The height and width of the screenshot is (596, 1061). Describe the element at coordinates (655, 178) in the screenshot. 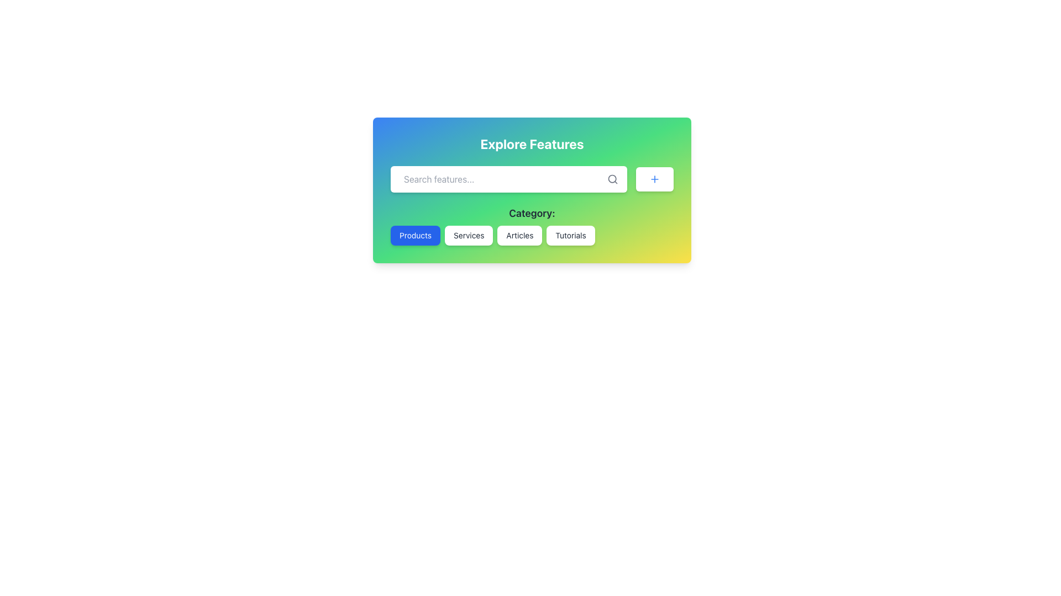

I see `the small button with a plus sign icon, which has a white background and blue-colored plus symbol, located to the right of the horizontal search bar at the top of the page, to observe the tooltip or style change` at that location.